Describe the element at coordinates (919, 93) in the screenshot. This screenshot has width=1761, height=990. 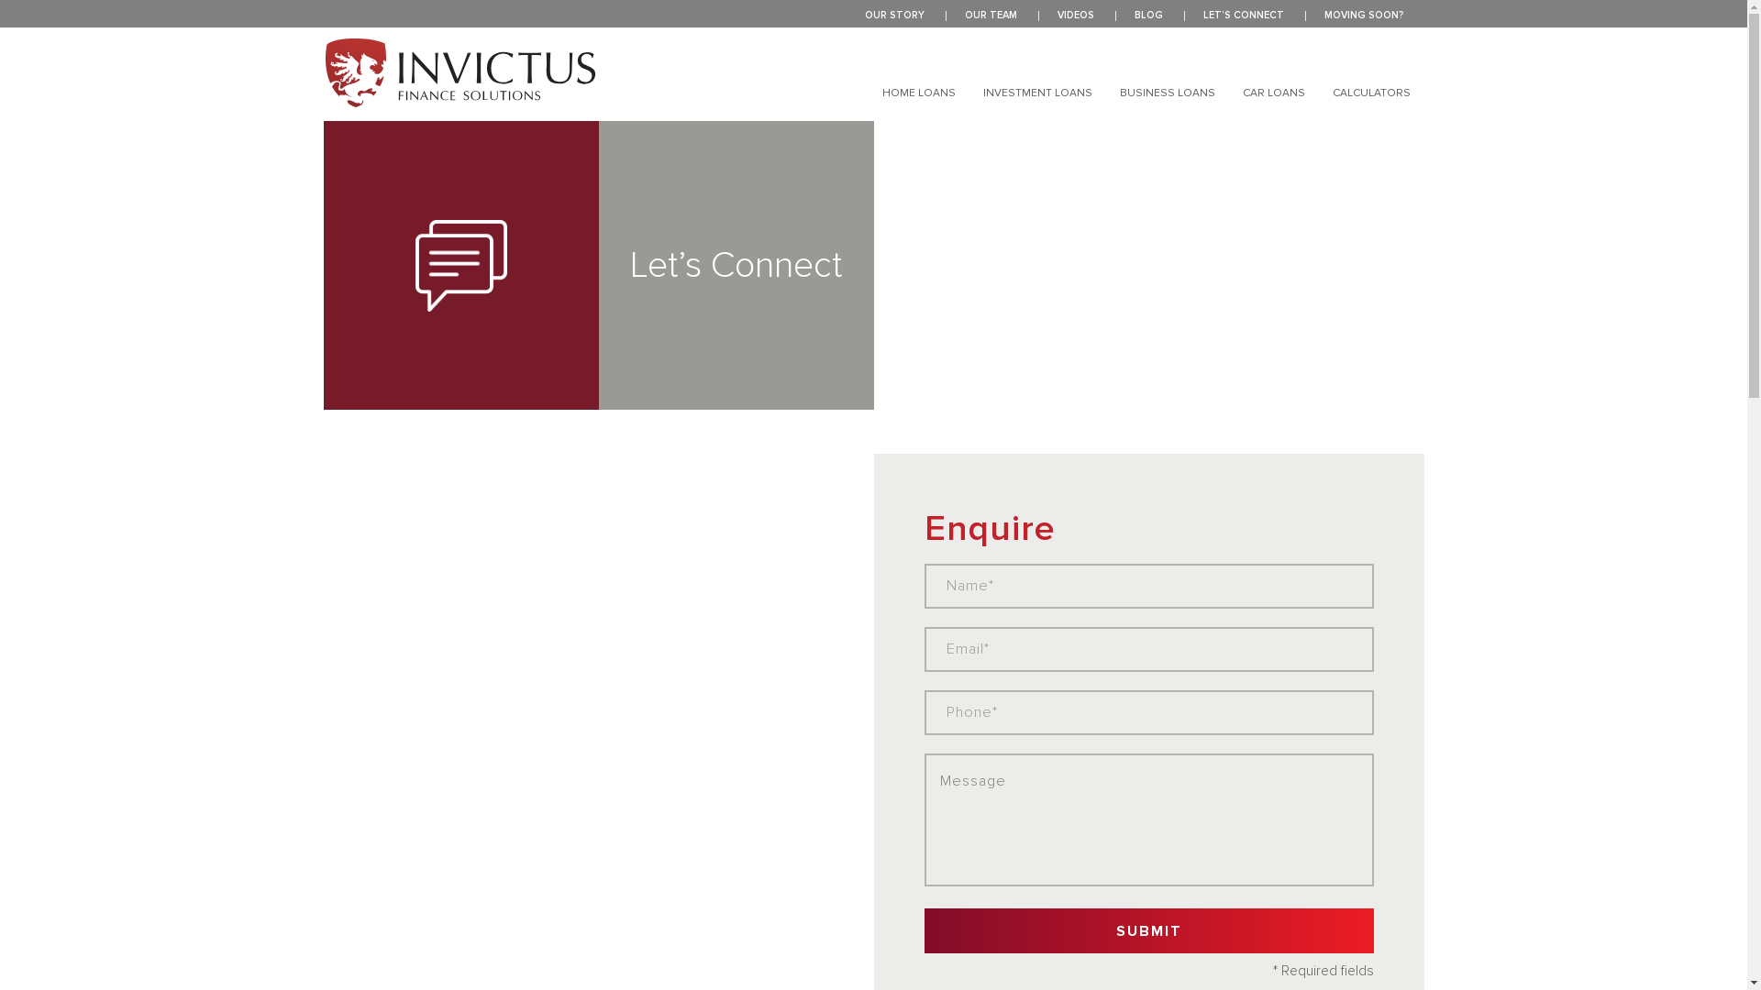
I see `'HOME LOANS'` at that location.